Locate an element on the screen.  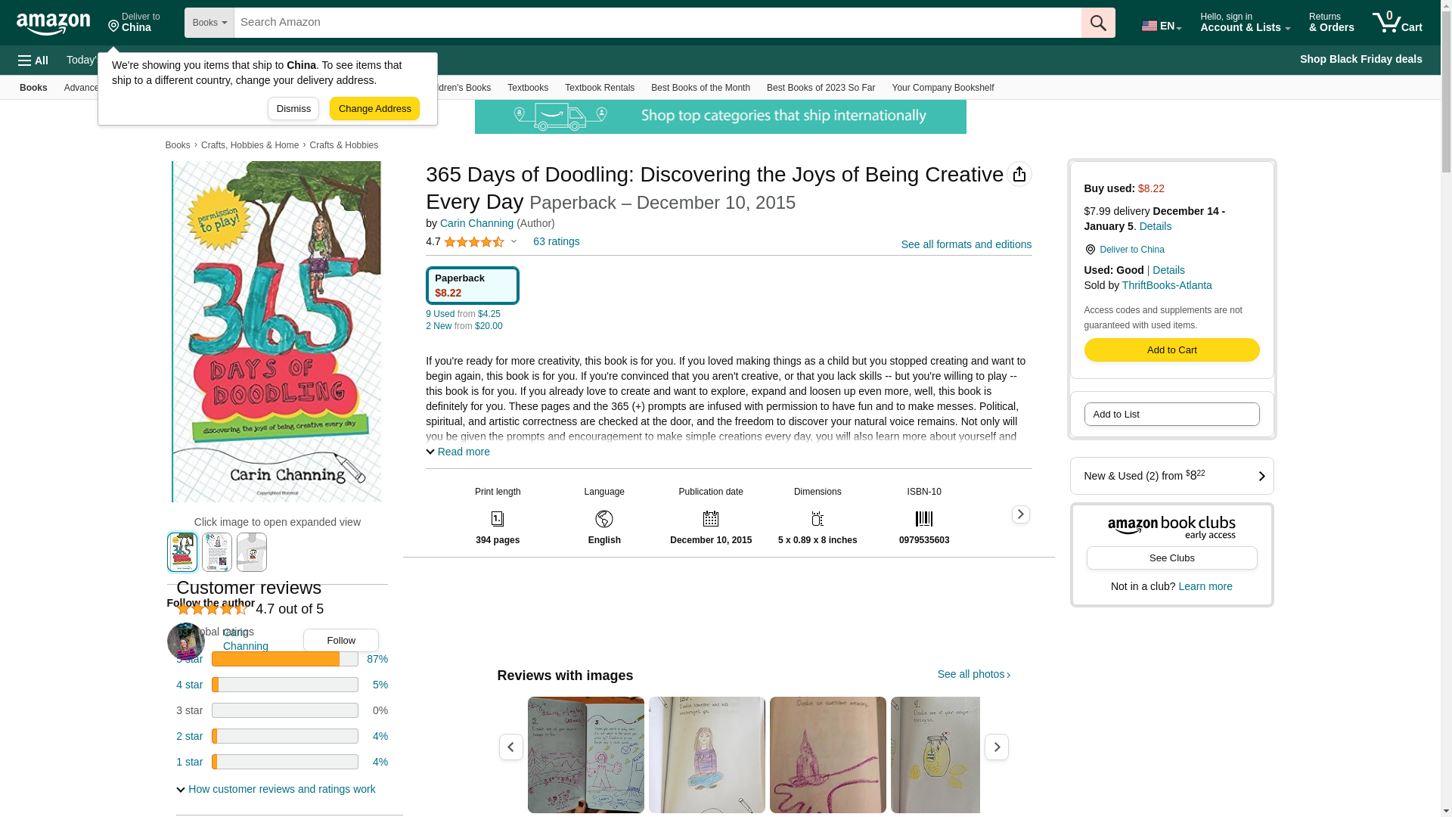
'Details' is located at coordinates (1168, 269).